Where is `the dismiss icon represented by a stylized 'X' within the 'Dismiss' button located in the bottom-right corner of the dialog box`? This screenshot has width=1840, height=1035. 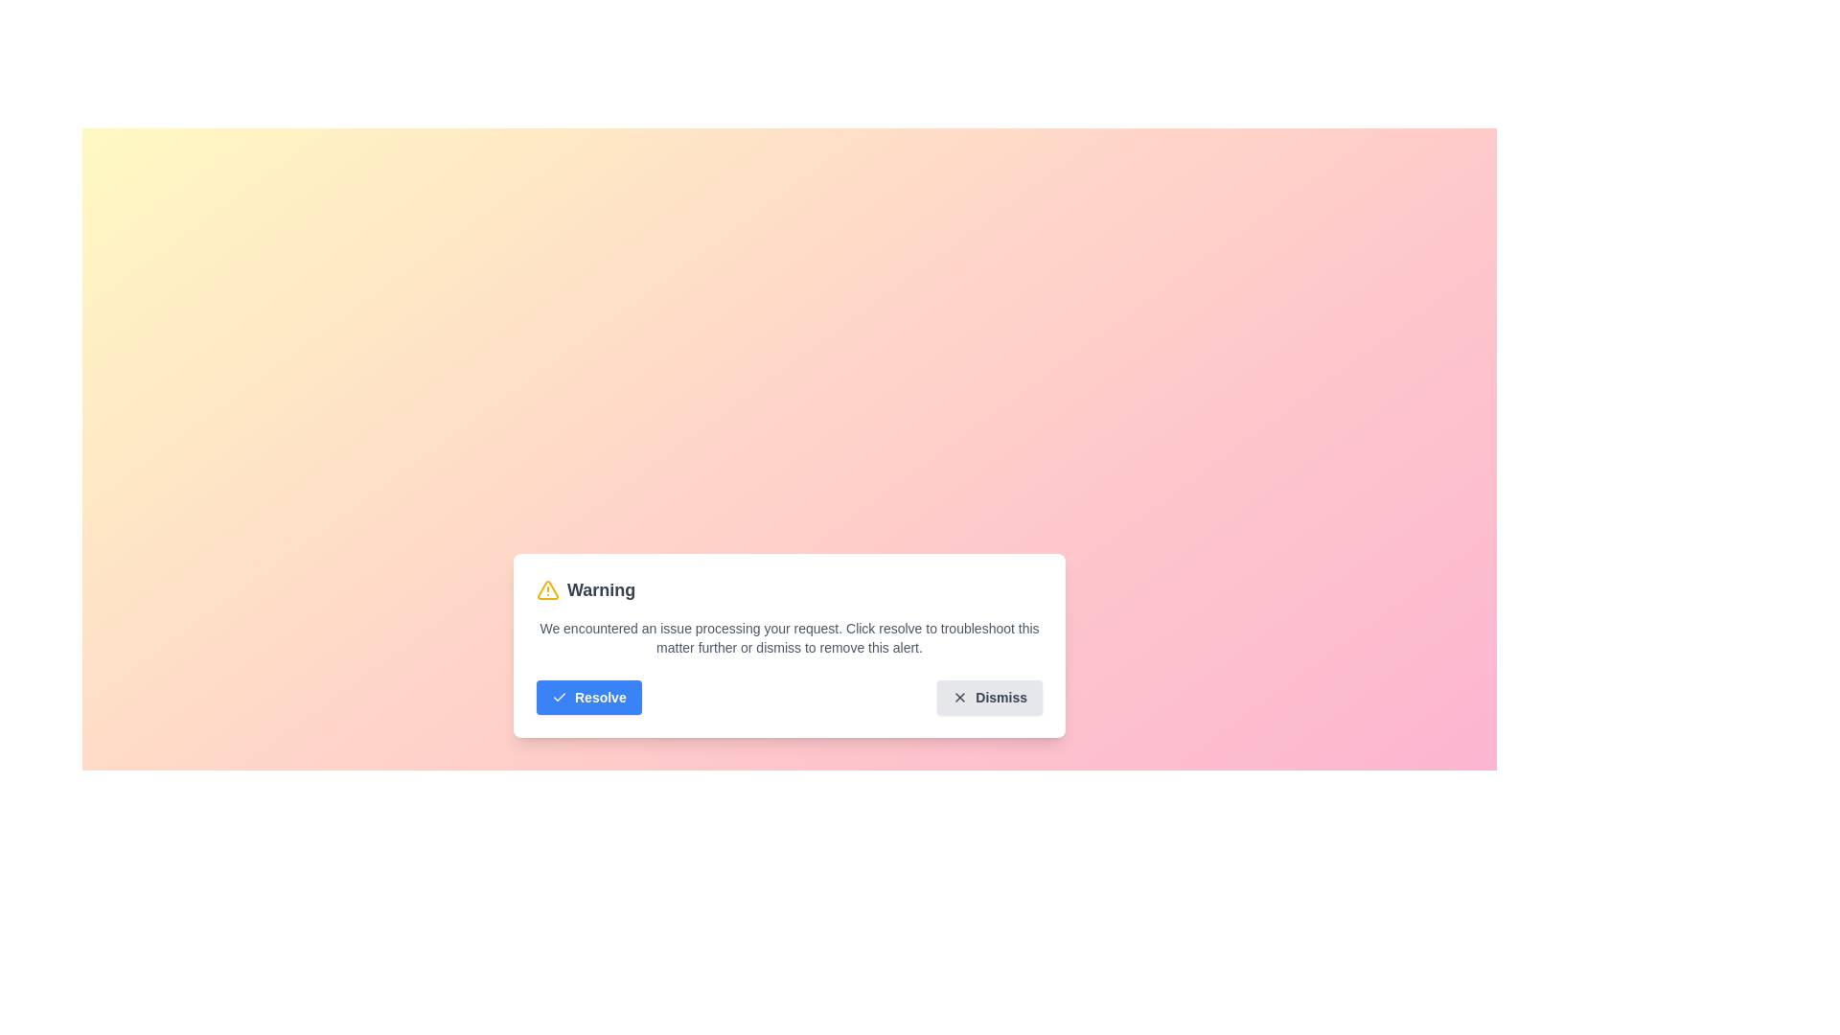 the dismiss icon represented by a stylized 'X' within the 'Dismiss' button located in the bottom-right corner of the dialog box is located at coordinates (960, 698).